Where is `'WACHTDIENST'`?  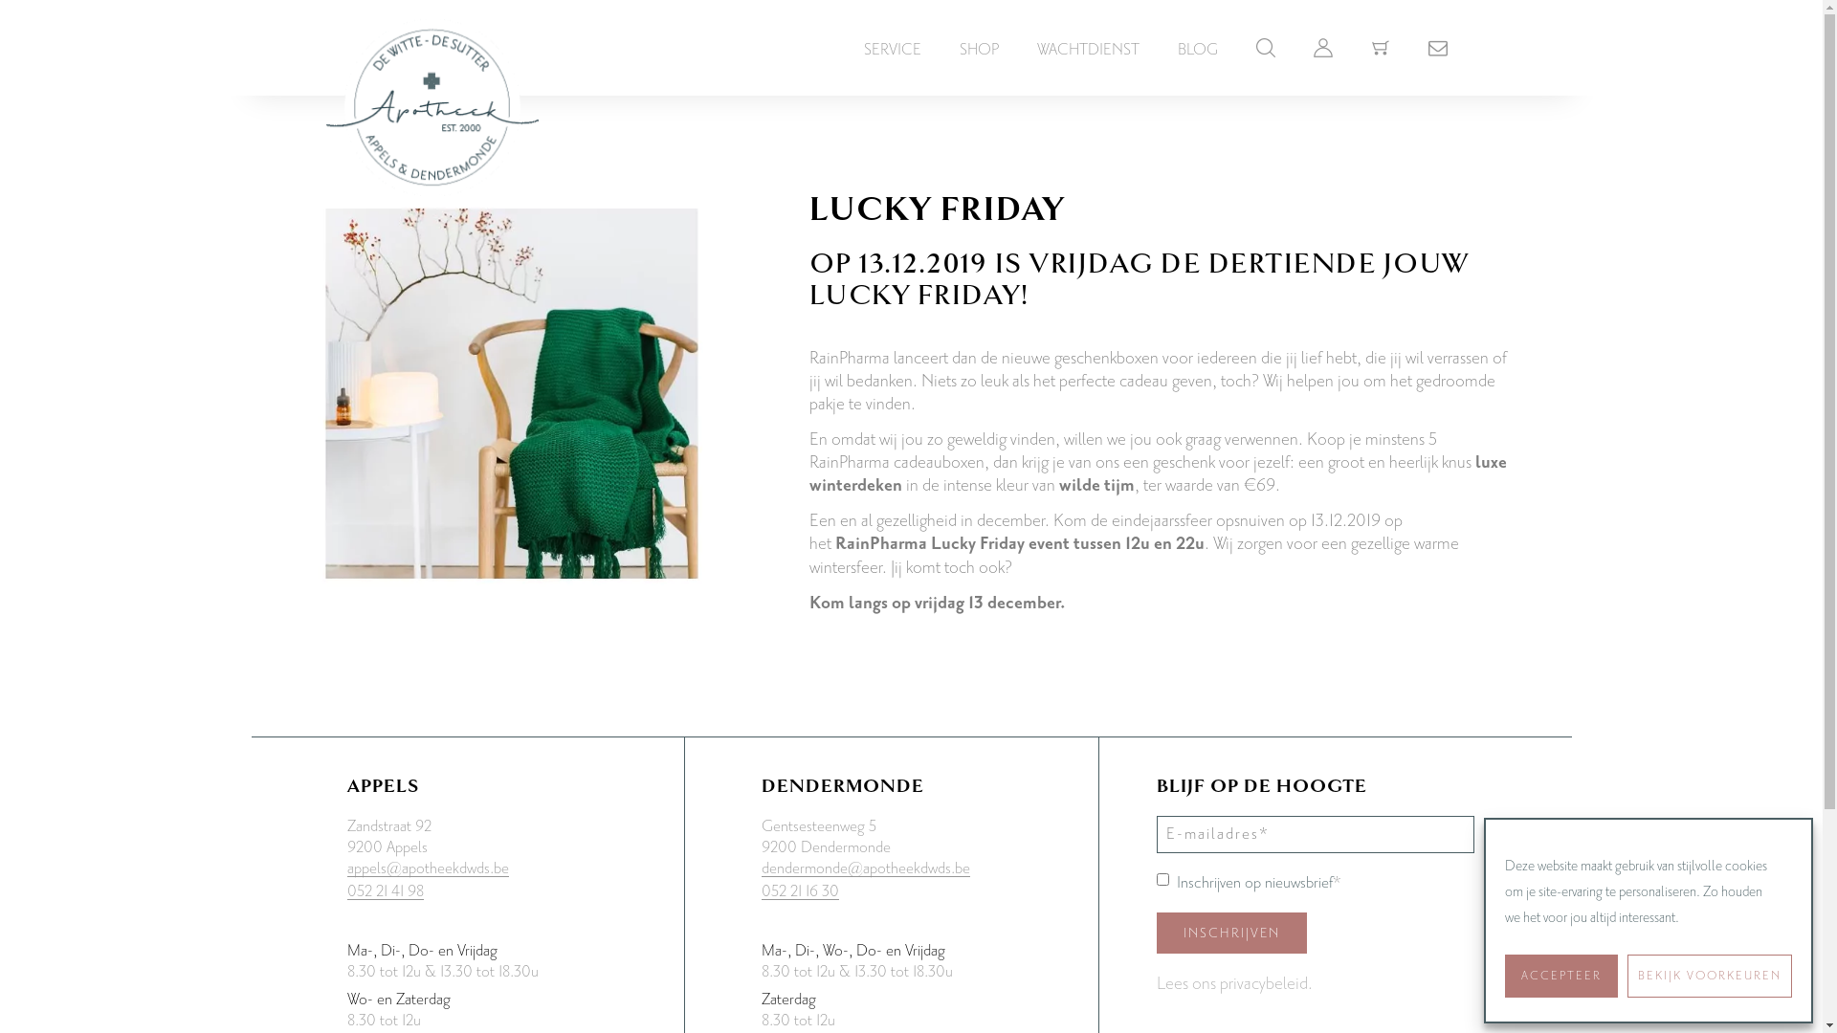 'WACHTDIENST' is located at coordinates (1088, 48).